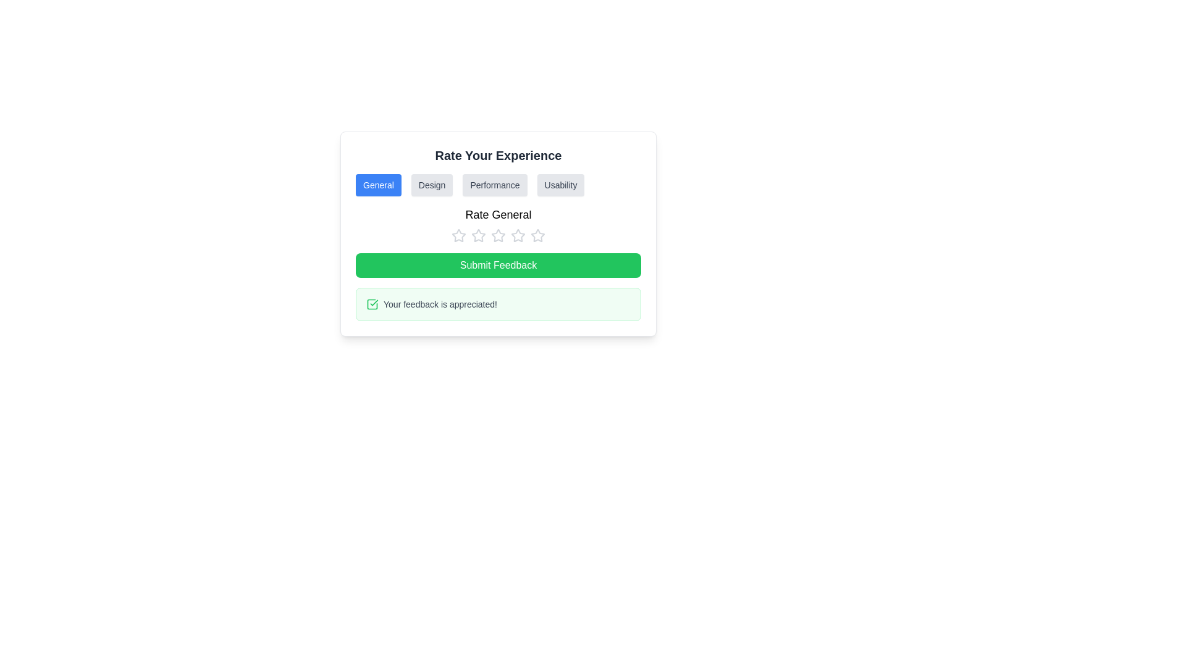 The image size is (1186, 667). I want to click on the notification message with a green border and light green background containing the text 'Your feedback is appreciated!', so click(498, 304).